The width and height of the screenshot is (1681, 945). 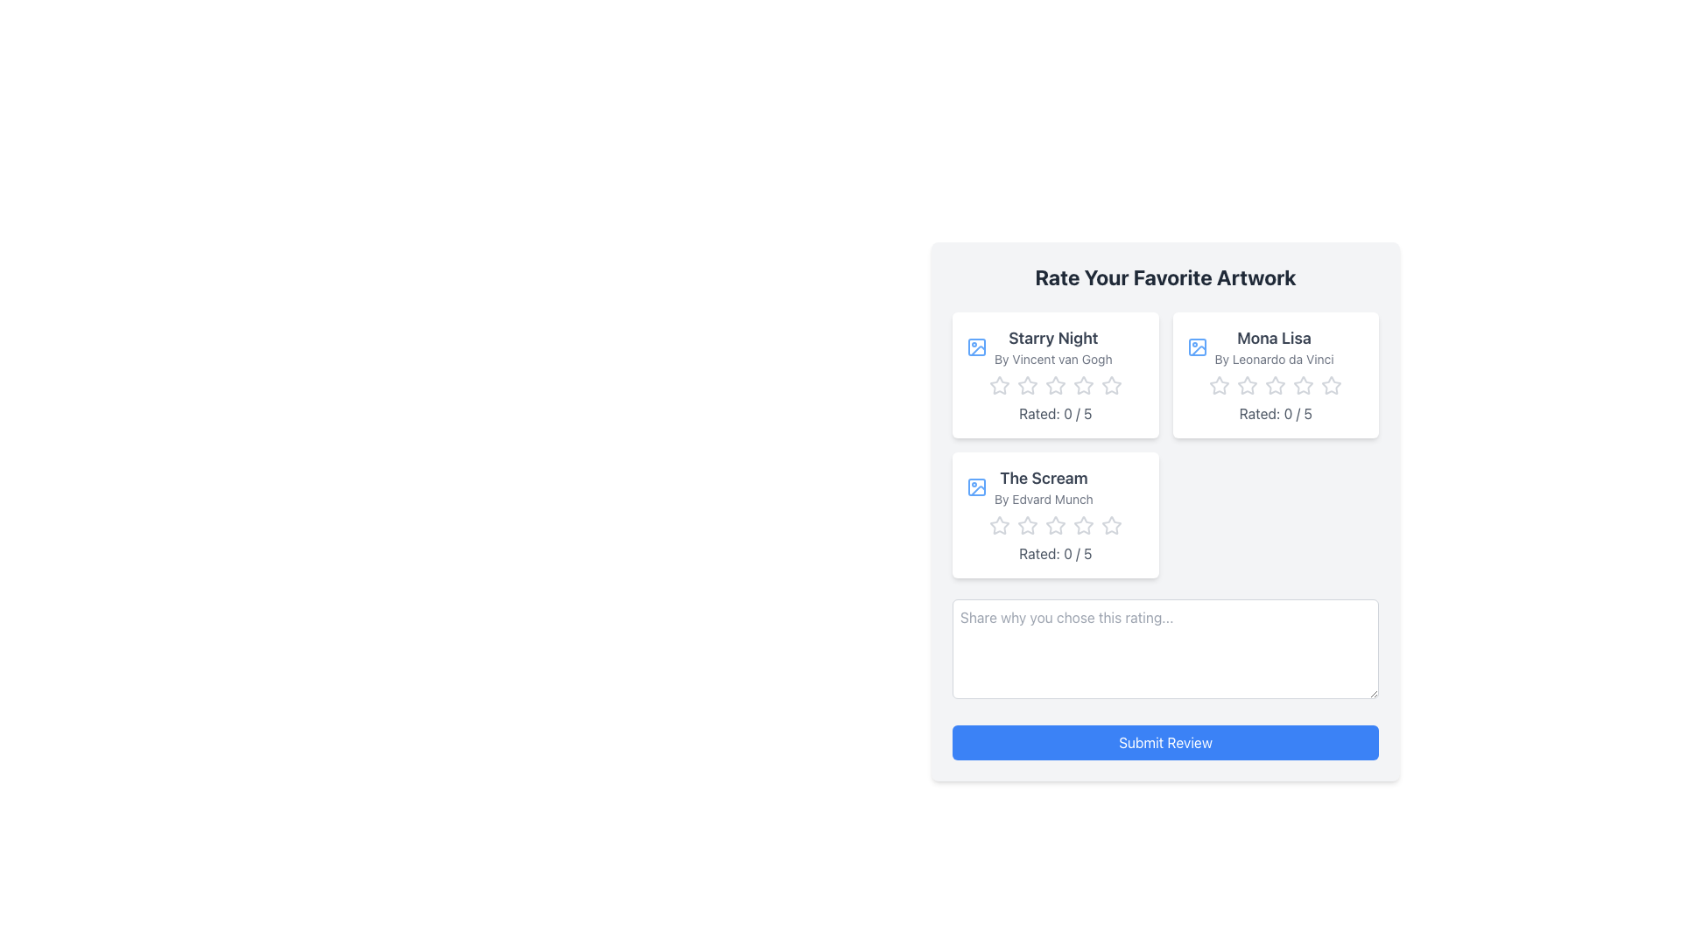 I want to click on the first star icon, so click(x=1053, y=524).